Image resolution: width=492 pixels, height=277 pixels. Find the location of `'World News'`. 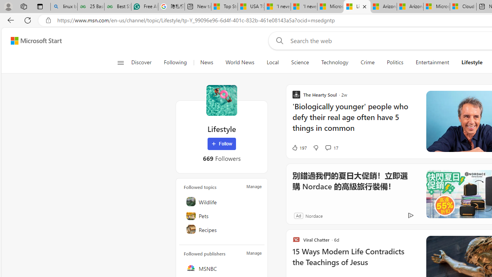

'World News' is located at coordinates (239, 62).